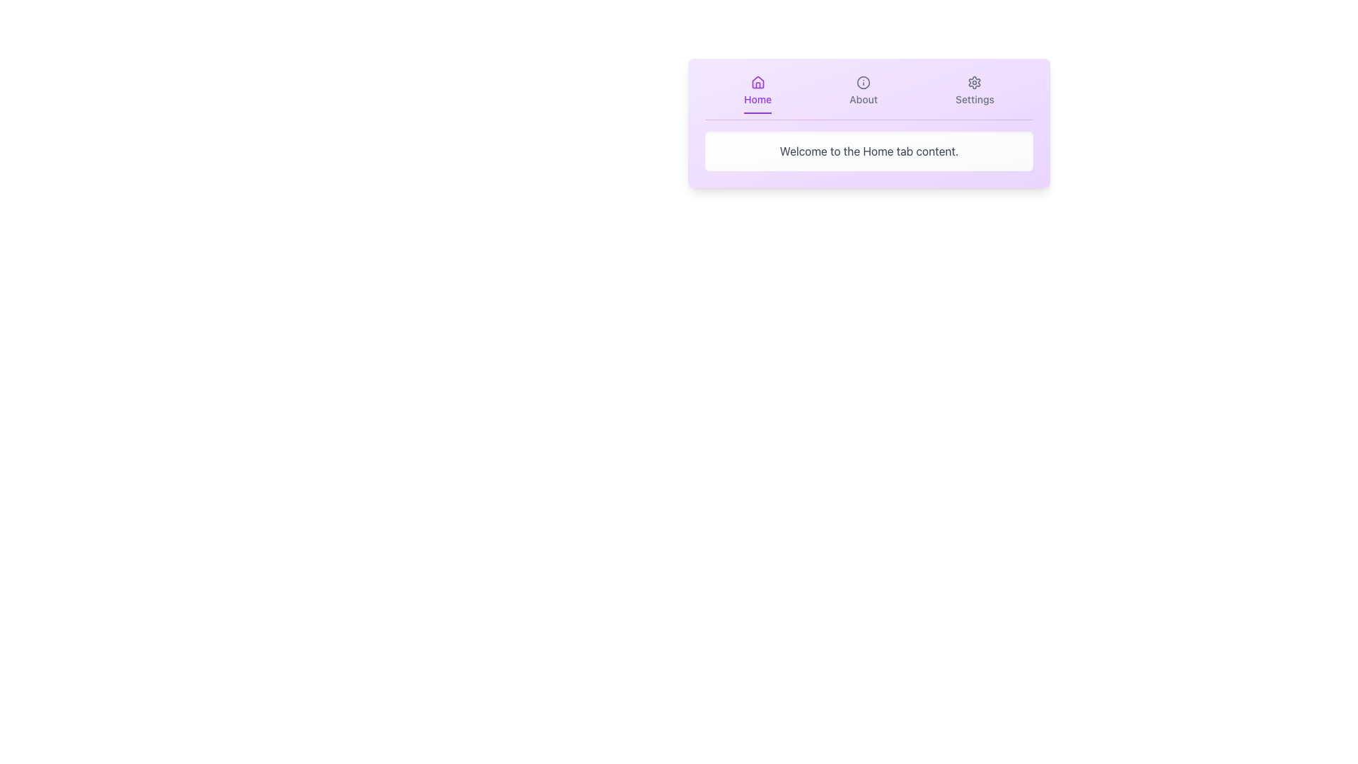  Describe the element at coordinates (757, 95) in the screenshot. I see `the 'Home' navigation tab, which is a stylized button with a purple color scheme and a house icon, to apply the hover effect` at that location.